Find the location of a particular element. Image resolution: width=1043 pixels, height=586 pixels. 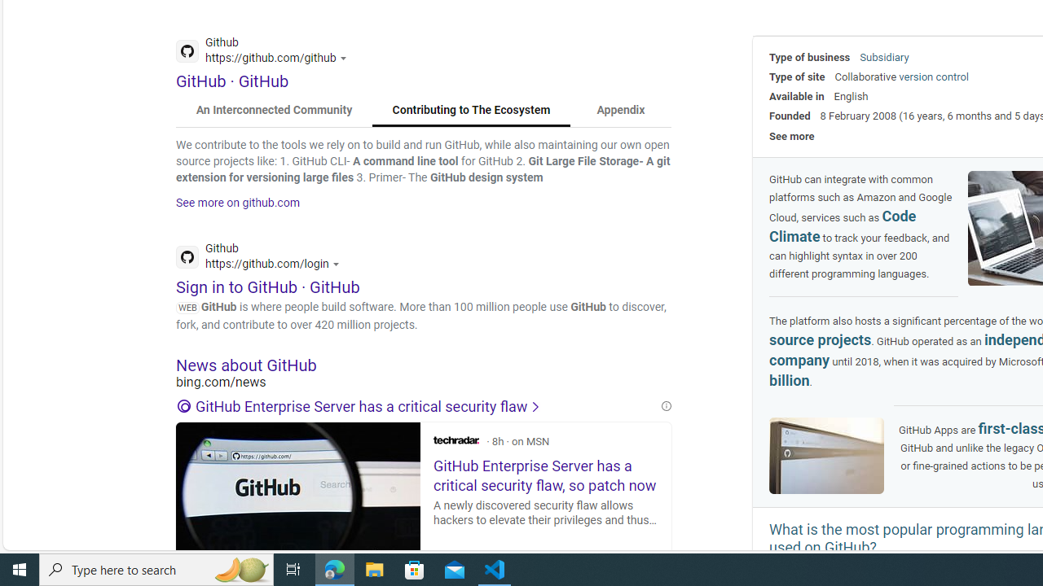

'version control' is located at coordinates (934, 77).